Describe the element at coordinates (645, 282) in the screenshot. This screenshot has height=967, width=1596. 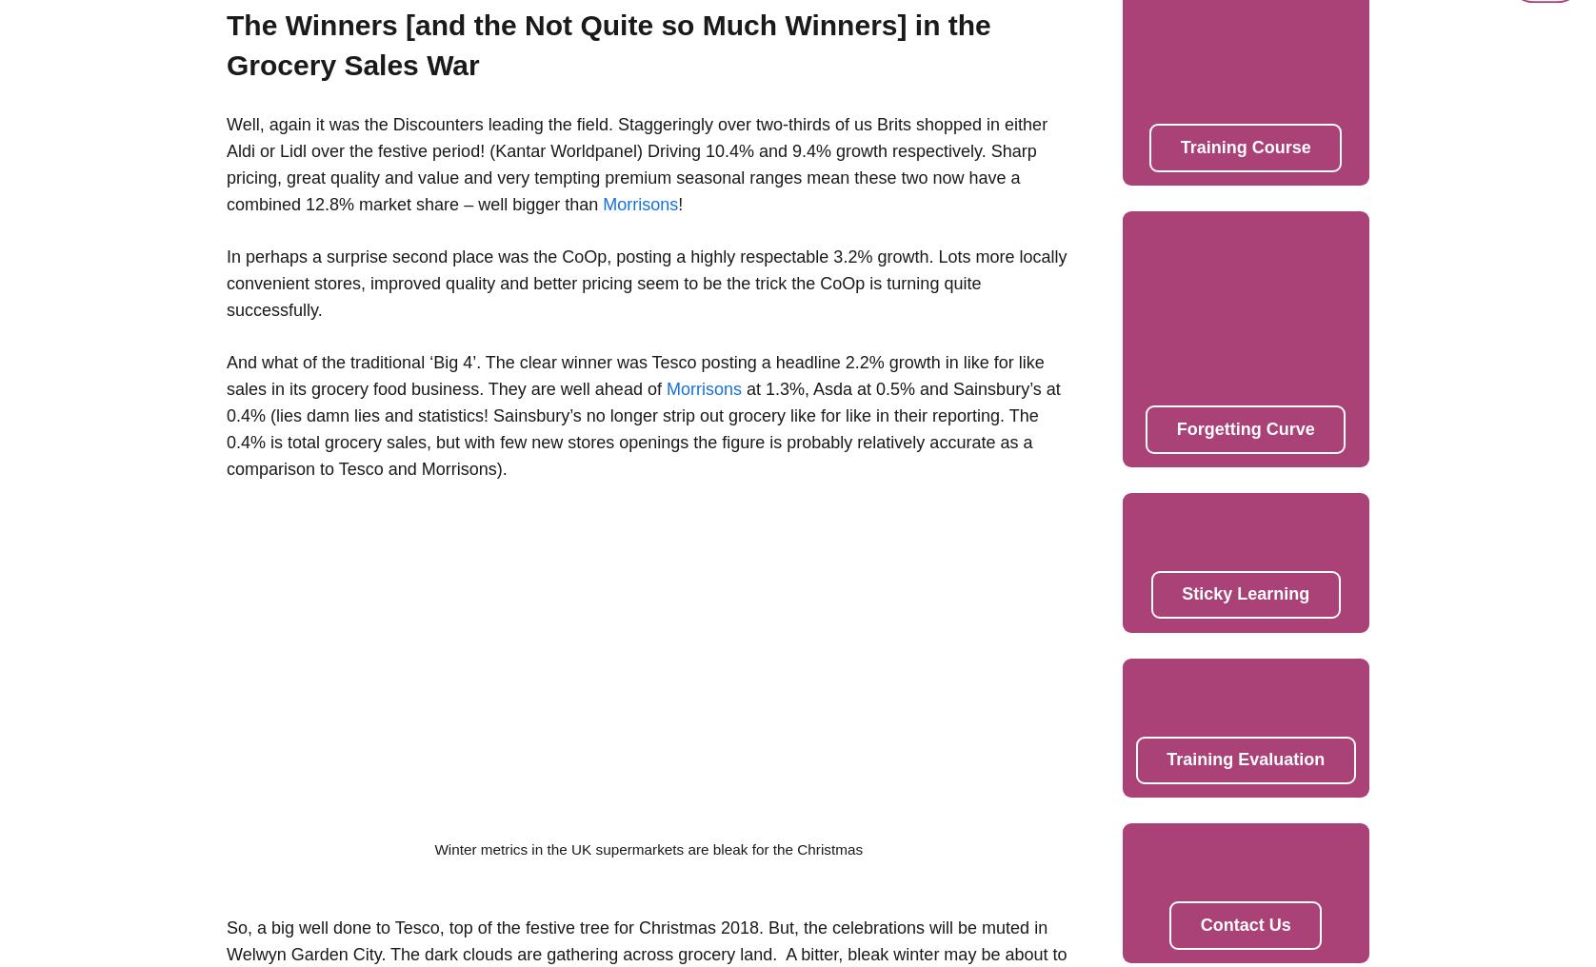
I see `'In perhaps a surprise second place was the CoOp, posting a highly respectable 3.2% growth. Lots more locally convenient stores, improved quality and better pricing seem to be the trick the CoOp is turning quite successfully.'` at that location.